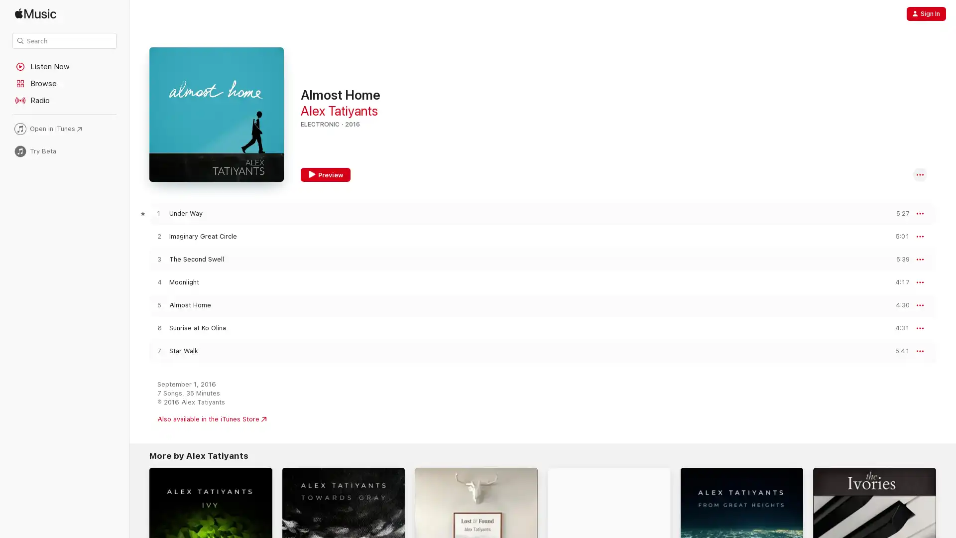 The height and width of the screenshot is (538, 956). What do you see at coordinates (910, 519) in the screenshot?
I see `Try It Free` at bounding box center [910, 519].